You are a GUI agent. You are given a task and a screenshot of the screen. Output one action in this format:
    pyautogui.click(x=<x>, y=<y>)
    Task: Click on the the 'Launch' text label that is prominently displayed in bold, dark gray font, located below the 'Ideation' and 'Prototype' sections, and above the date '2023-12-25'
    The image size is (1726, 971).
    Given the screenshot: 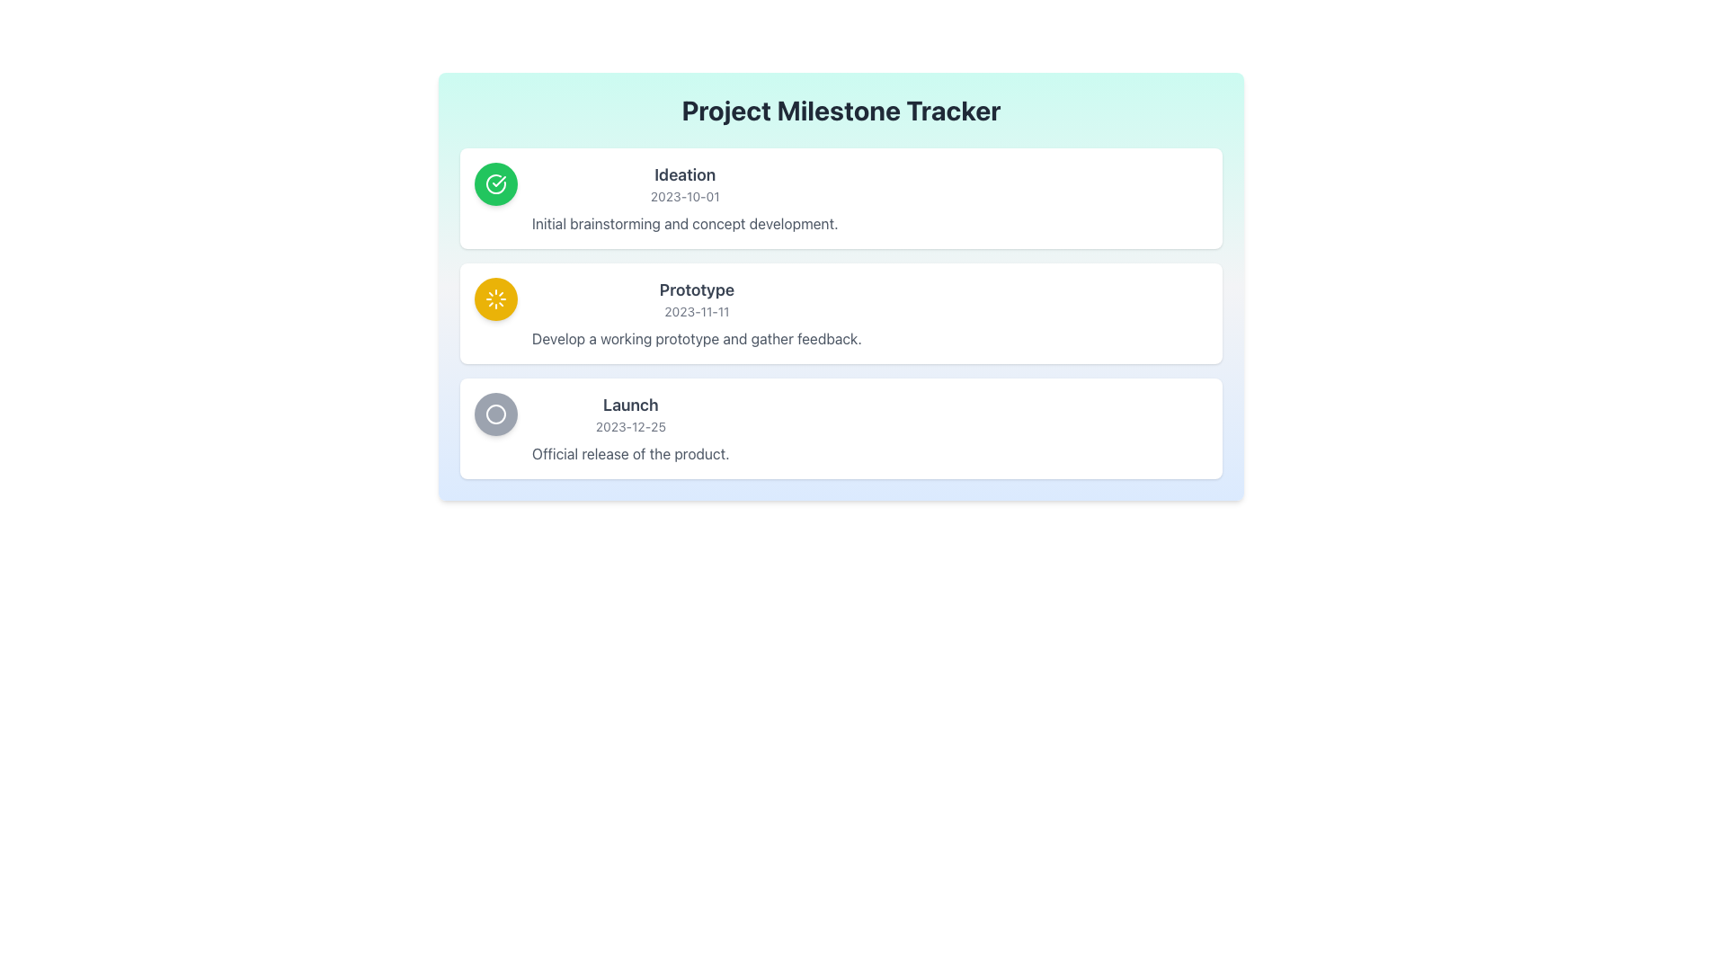 What is the action you would take?
    pyautogui.click(x=630, y=405)
    